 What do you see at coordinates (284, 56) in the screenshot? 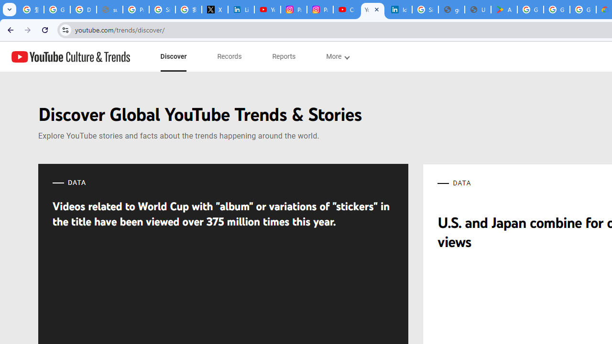
I see `'subnav-Reports menupopup'` at bounding box center [284, 56].